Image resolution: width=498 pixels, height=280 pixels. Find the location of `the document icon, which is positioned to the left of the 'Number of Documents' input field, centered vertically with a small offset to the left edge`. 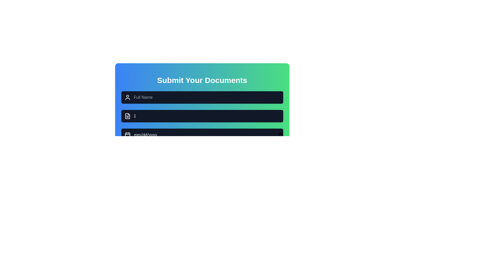

the document icon, which is positioned to the left of the 'Number of Documents' input field, centered vertically with a small offset to the left edge is located at coordinates (127, 116).